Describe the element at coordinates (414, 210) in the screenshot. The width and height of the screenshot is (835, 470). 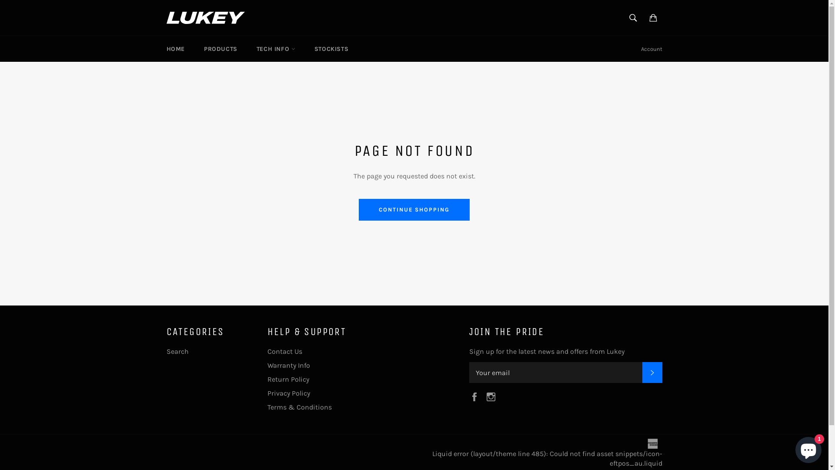
I see `'CONTINUE SHOPPING'` at that location.